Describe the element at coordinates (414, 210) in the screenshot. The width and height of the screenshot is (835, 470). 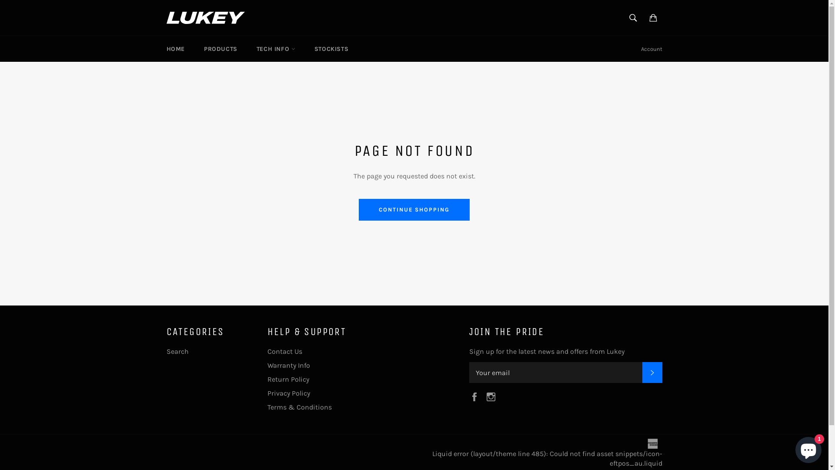
I see `'CONTINUE SHOPPING'` at that location.